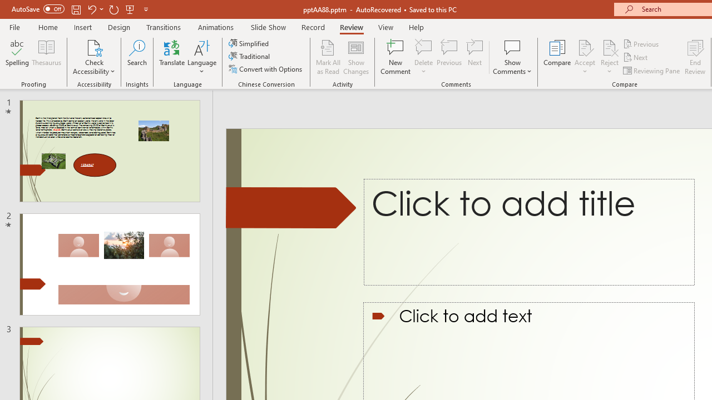 This screenshot has width=712, height=400. What do you see at coordinates (423, 57) in the screenshot?
I see `'Delete'` at bounding box center [423, 57].